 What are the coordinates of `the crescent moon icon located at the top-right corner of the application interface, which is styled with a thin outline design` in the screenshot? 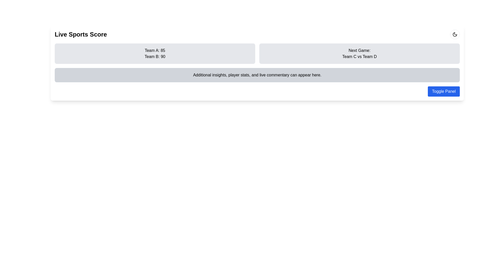 It's located at (455, 34).